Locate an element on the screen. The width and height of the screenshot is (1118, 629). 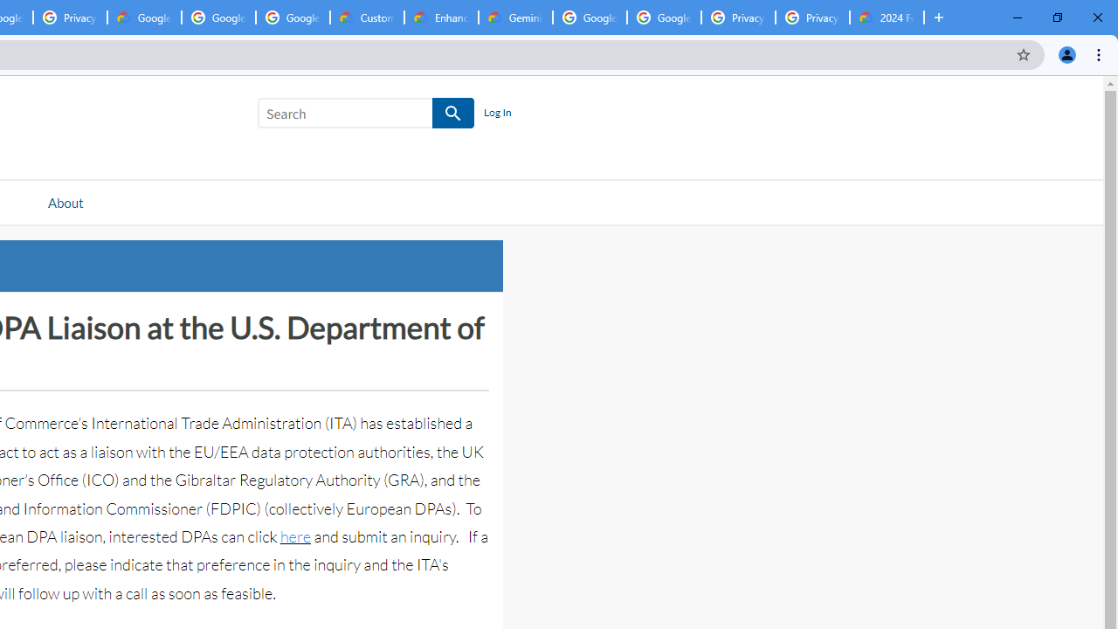
'Log In' is located at coordinates (496, 113).